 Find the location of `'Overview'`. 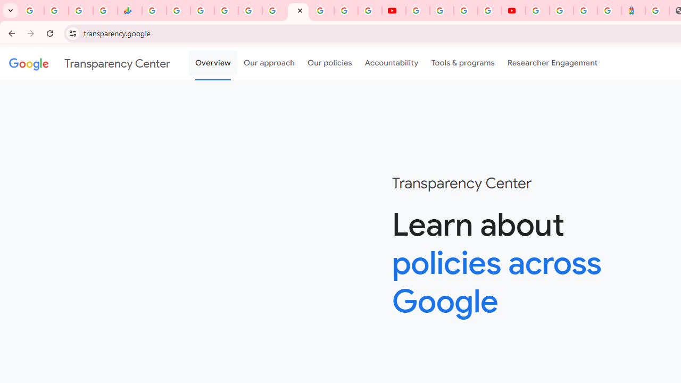

'Overview' is located at coordinates (213, 63).